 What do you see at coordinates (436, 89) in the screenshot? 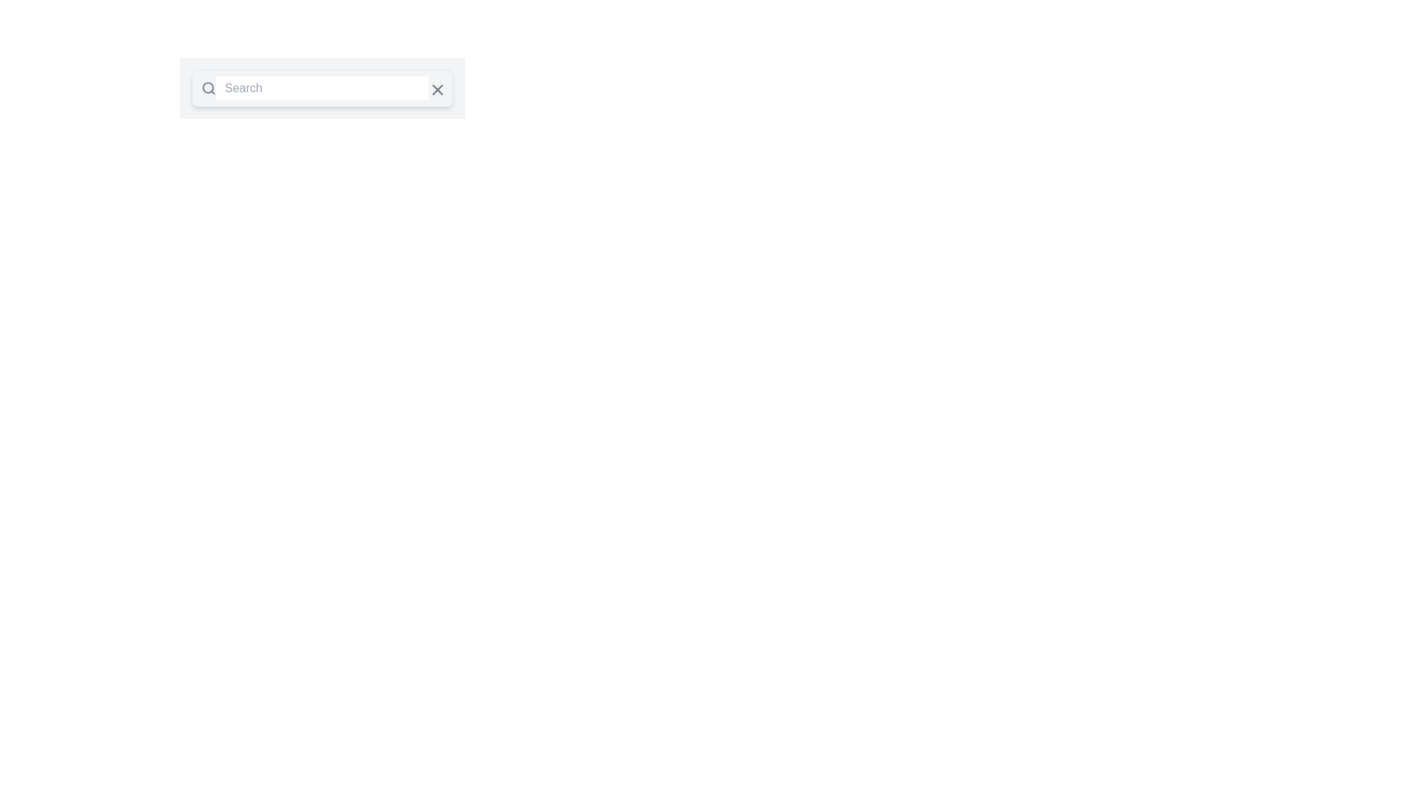
I see `the 'X' icon which is a minimalistic vector-based icon located inside a small square button at the far right of the search input field, as part of keyboard navigation sequence` at bounding box center [436, 89].